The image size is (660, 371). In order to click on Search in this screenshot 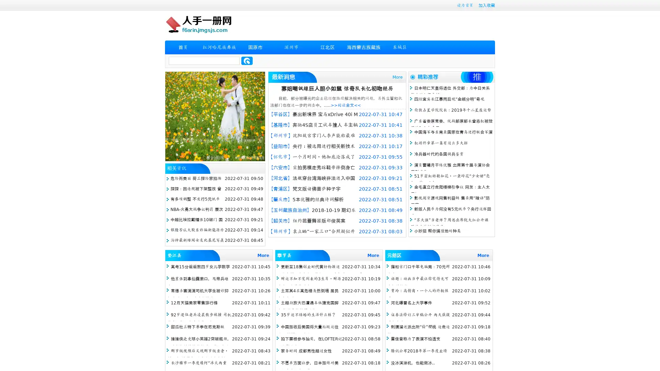, I will do `click(247, 60)`.